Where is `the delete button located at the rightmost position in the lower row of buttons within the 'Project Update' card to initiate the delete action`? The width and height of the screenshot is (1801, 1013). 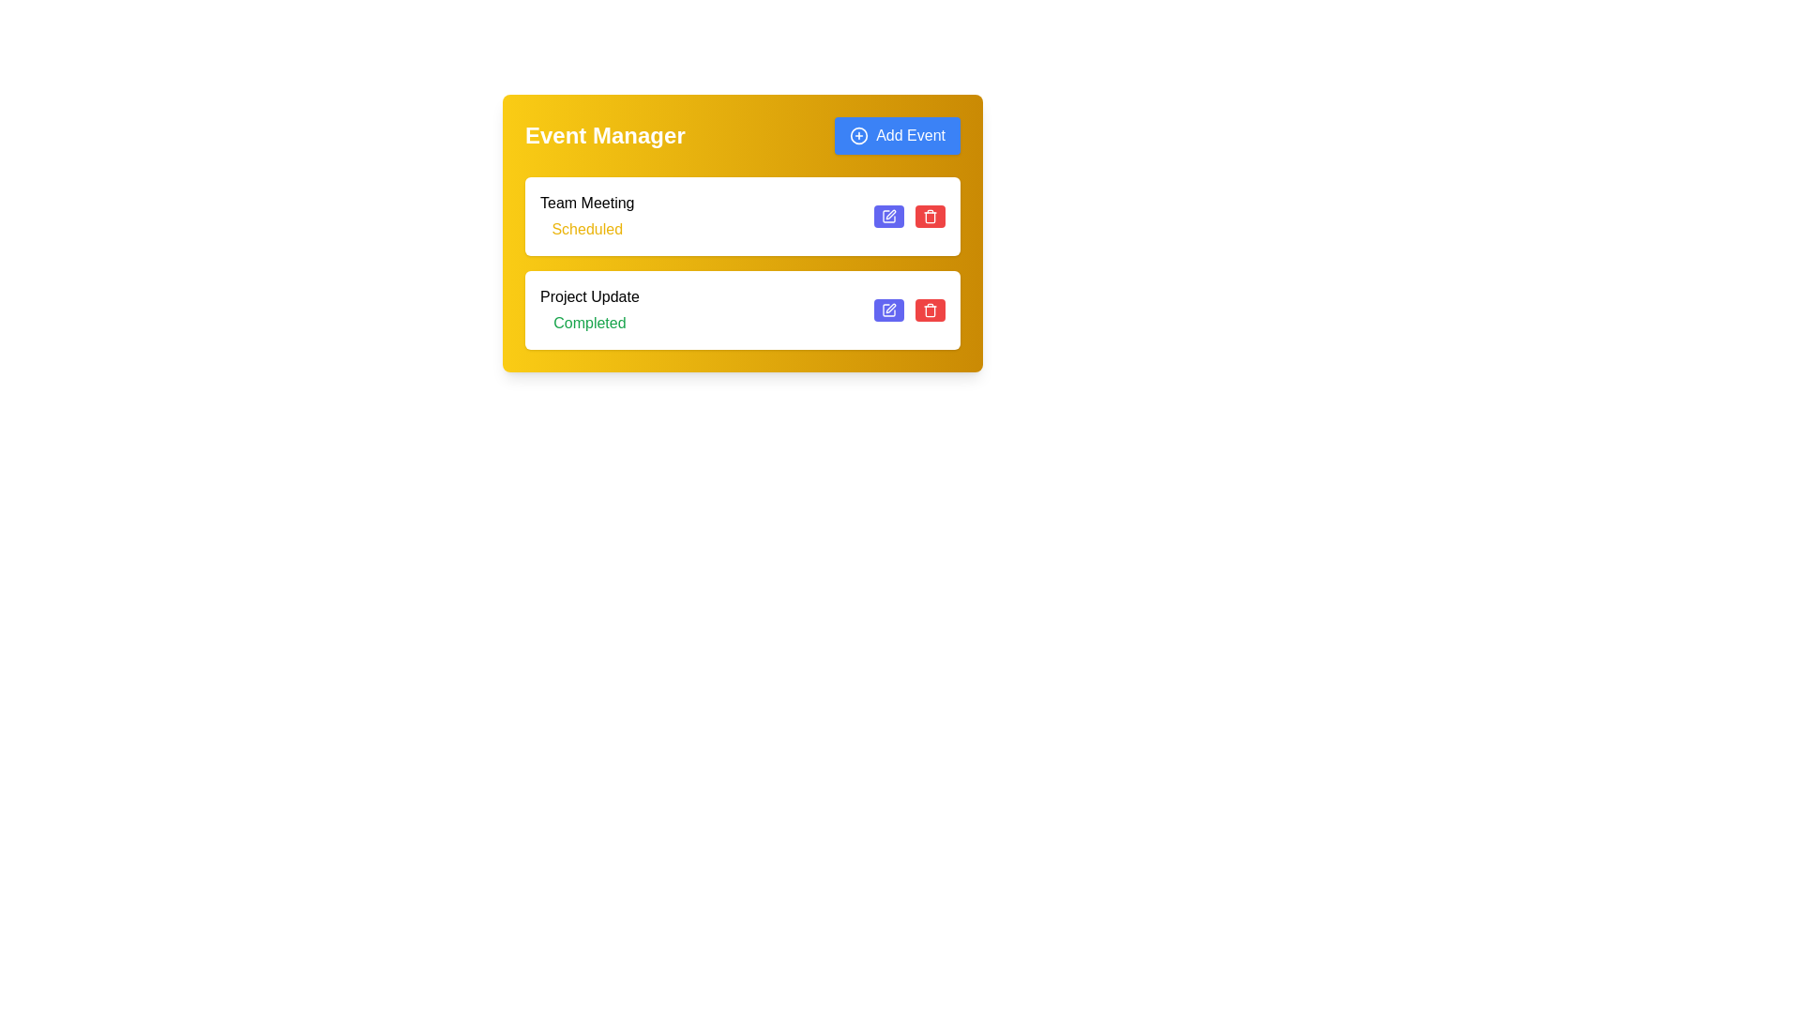 the delete button located at the rightmost position in the lower row of buttons within the 'Project Update' card to initiate the delete action is located at coordinates (931, 310).